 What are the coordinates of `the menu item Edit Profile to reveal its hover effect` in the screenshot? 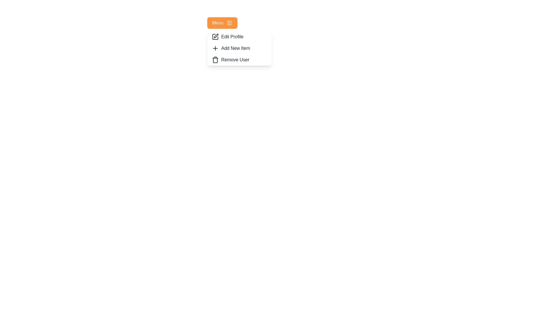 It's located at (239, 37).